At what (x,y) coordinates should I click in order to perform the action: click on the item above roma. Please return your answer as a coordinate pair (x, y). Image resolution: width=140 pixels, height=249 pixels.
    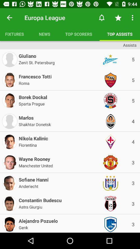
    Looking at the image, I should click on (35, 75).